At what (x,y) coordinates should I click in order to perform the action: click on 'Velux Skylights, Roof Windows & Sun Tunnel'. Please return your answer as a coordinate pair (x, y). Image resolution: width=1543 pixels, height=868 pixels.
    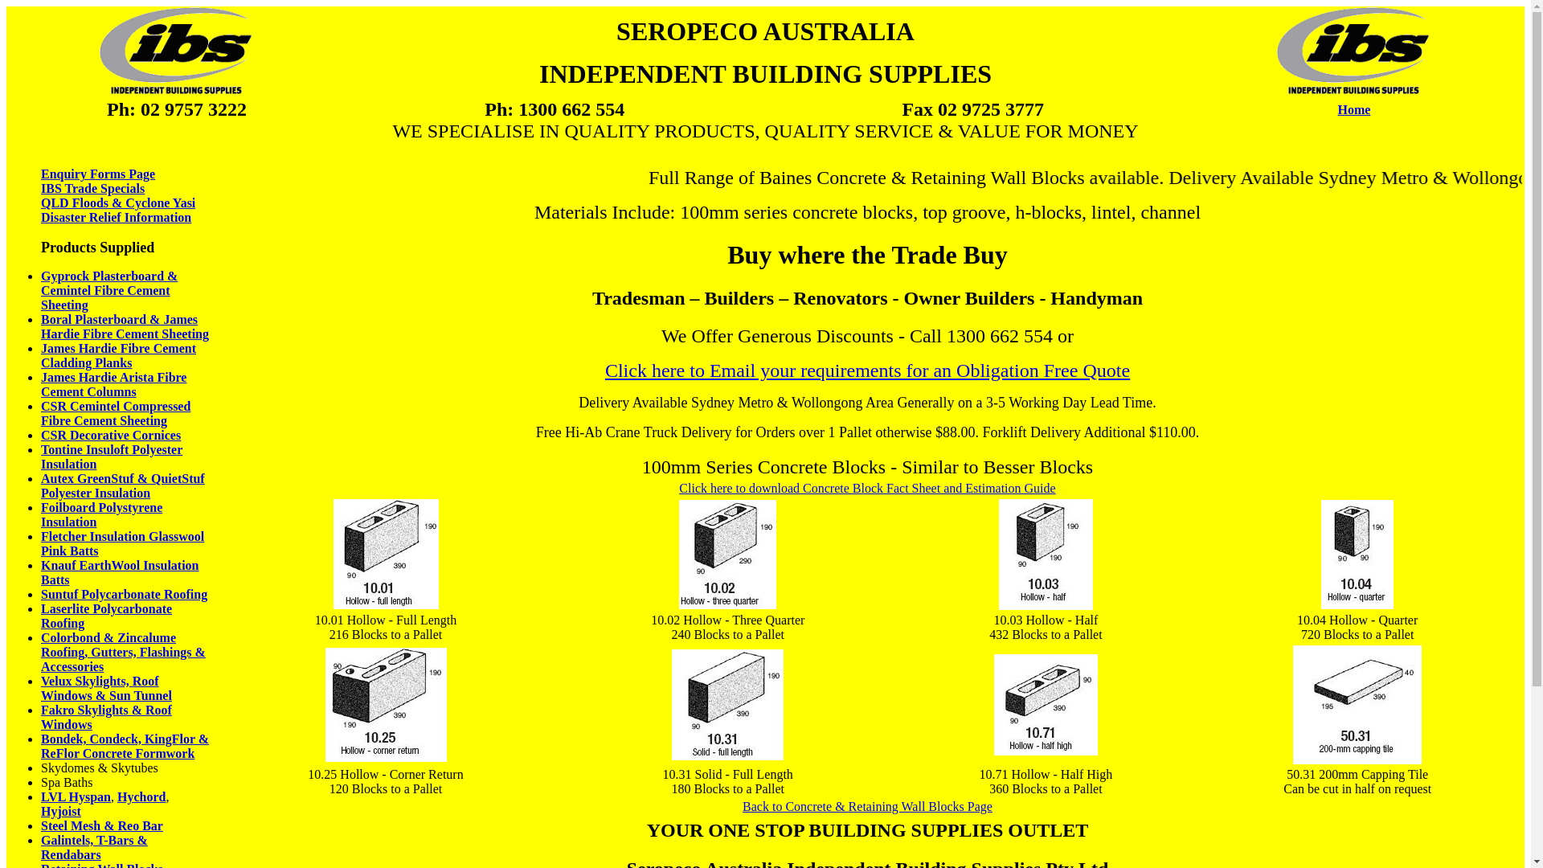
    Looking at the image, I should click on (41, 687).